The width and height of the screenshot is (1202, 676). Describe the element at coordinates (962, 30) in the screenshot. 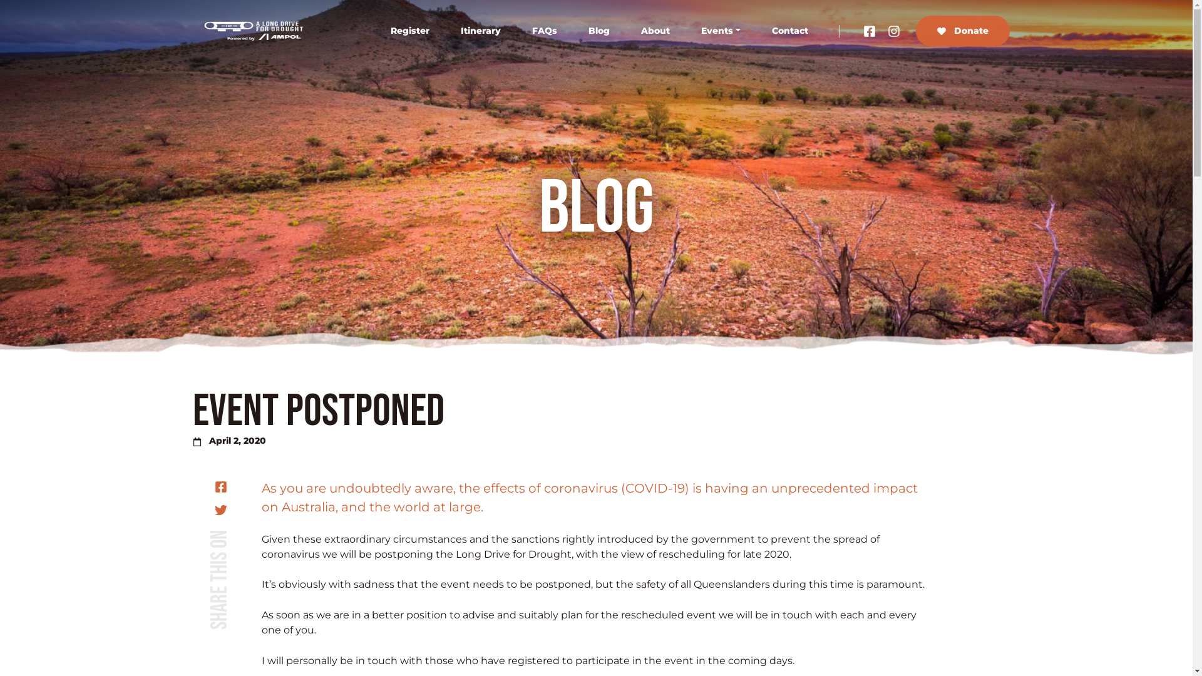

I see `'Donate'` at that location.